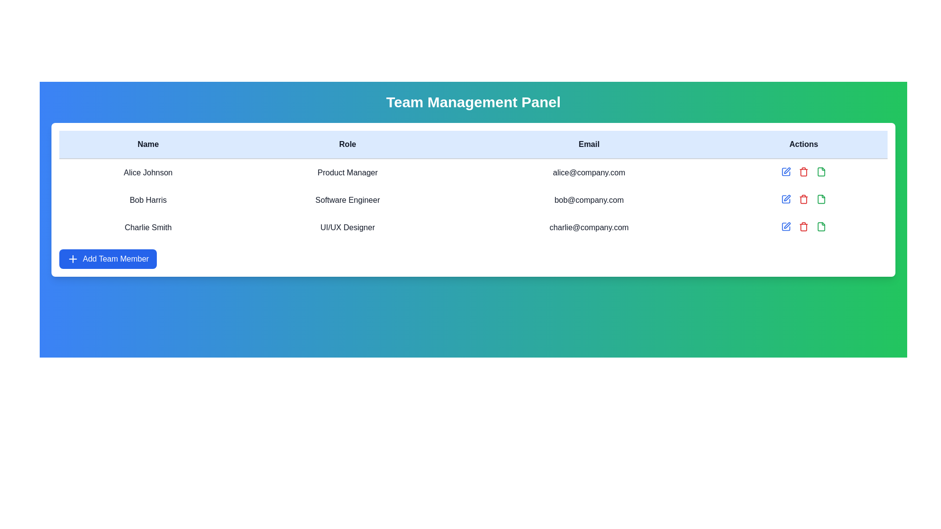  What do you see at coordinates (148, 144) in the screenshot?
I see `the 'User Names' text label, which is the first column header in the data table, positioned at the top-left and adjacent to the 'Role' column` at bounding box center [148, 144].